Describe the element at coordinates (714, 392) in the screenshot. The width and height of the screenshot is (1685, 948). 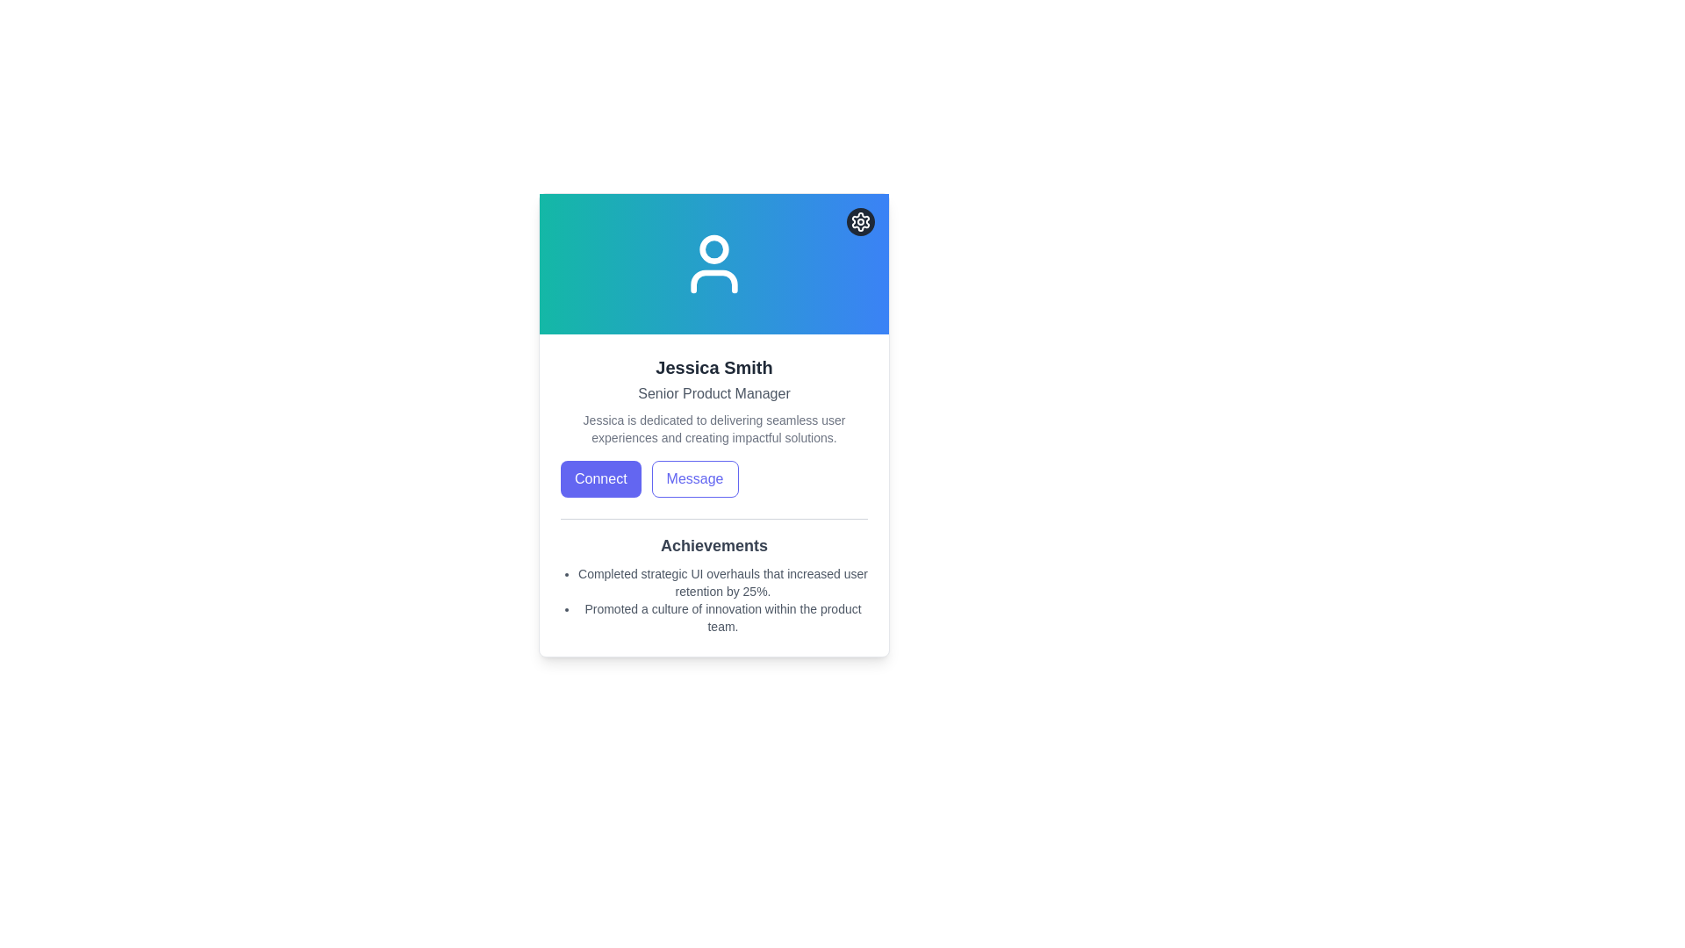
I see `the text displaying 'Senior Product Manager', which is positioned beneath the header 'Jessica Smith'` at that location.